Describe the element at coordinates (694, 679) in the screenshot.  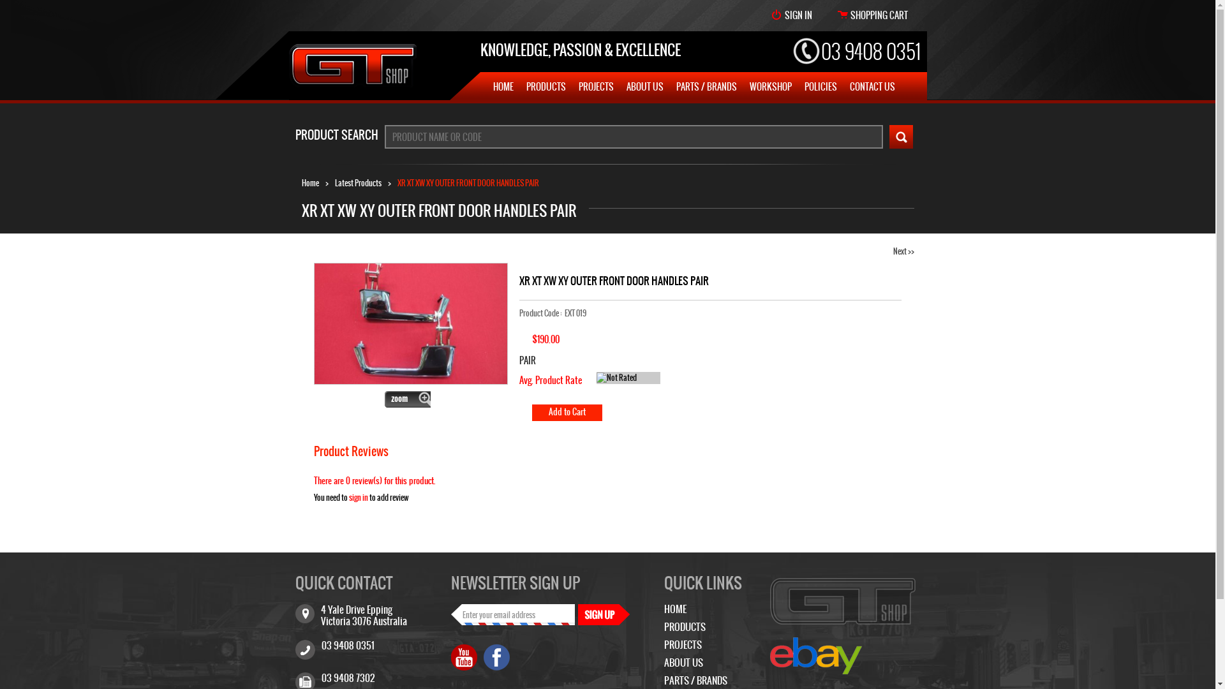
I see `'PARTS / BRANDS'` at that location.